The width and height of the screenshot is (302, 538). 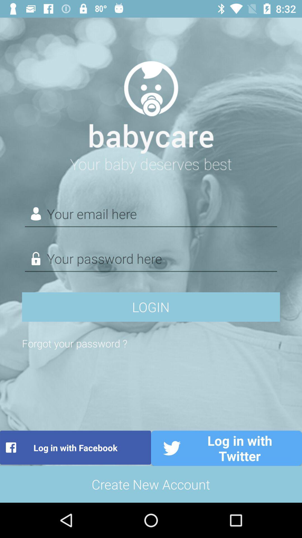 I want to click on the logo, so click(x=151, y=113).